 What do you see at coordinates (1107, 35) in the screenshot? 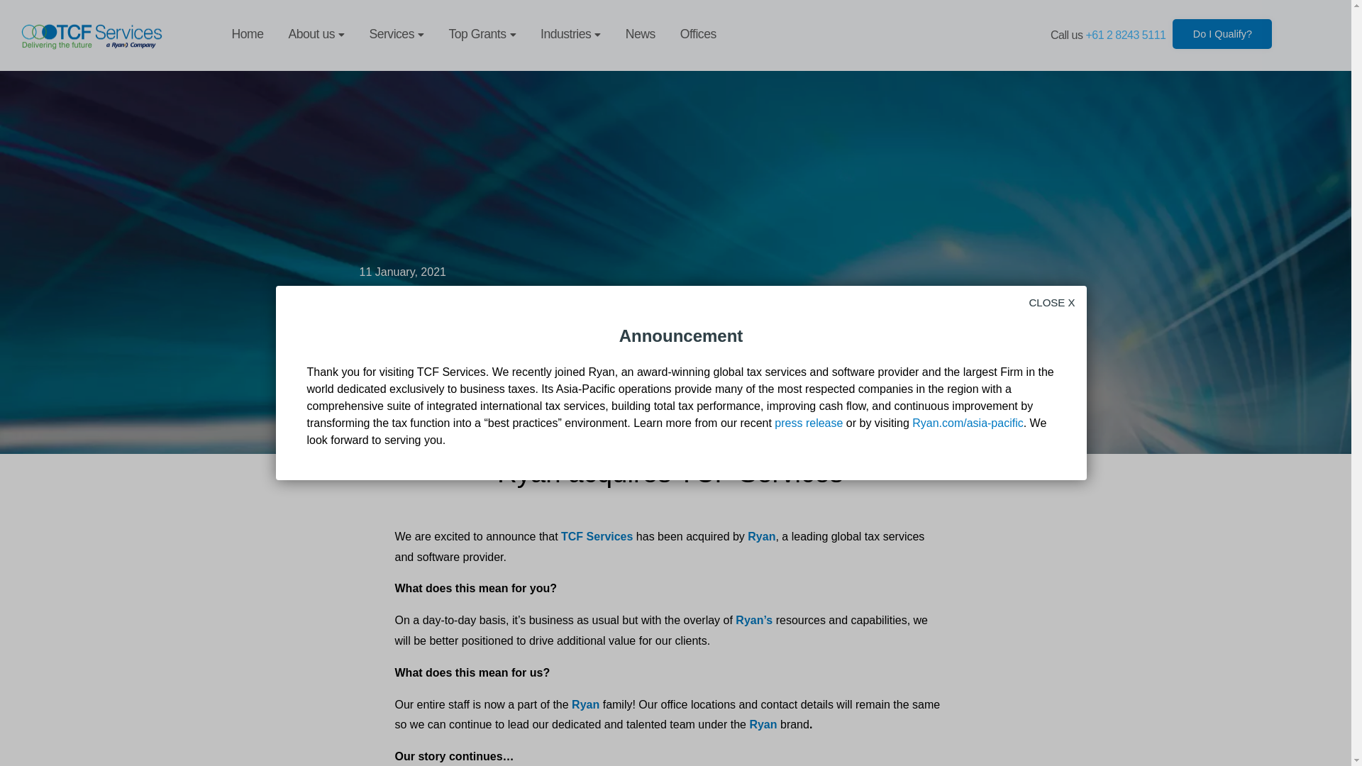
I see `'Call us +61 2 8243 5111'` at bounding box center [1107, 35].